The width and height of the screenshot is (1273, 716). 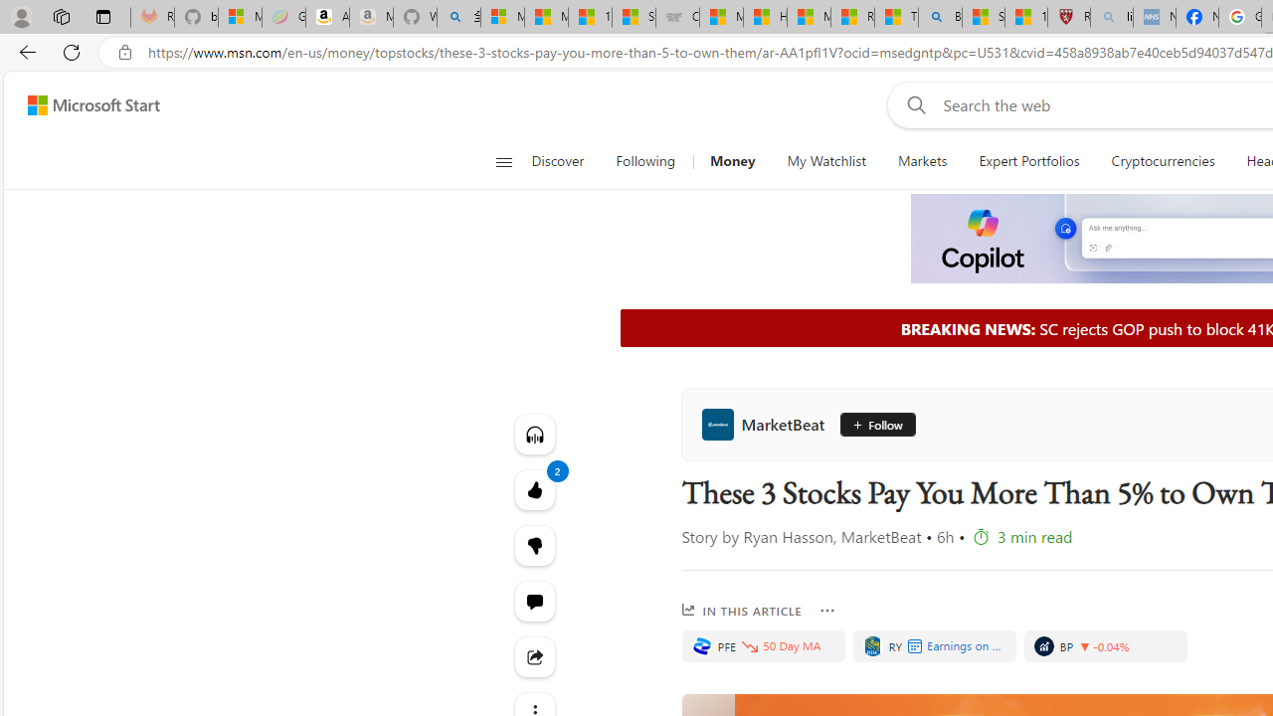 What do you see at coordinates (1163, 161) in the screenshot?
I see `'Cryptocurrencies'` at bounding box center [1163, 161].